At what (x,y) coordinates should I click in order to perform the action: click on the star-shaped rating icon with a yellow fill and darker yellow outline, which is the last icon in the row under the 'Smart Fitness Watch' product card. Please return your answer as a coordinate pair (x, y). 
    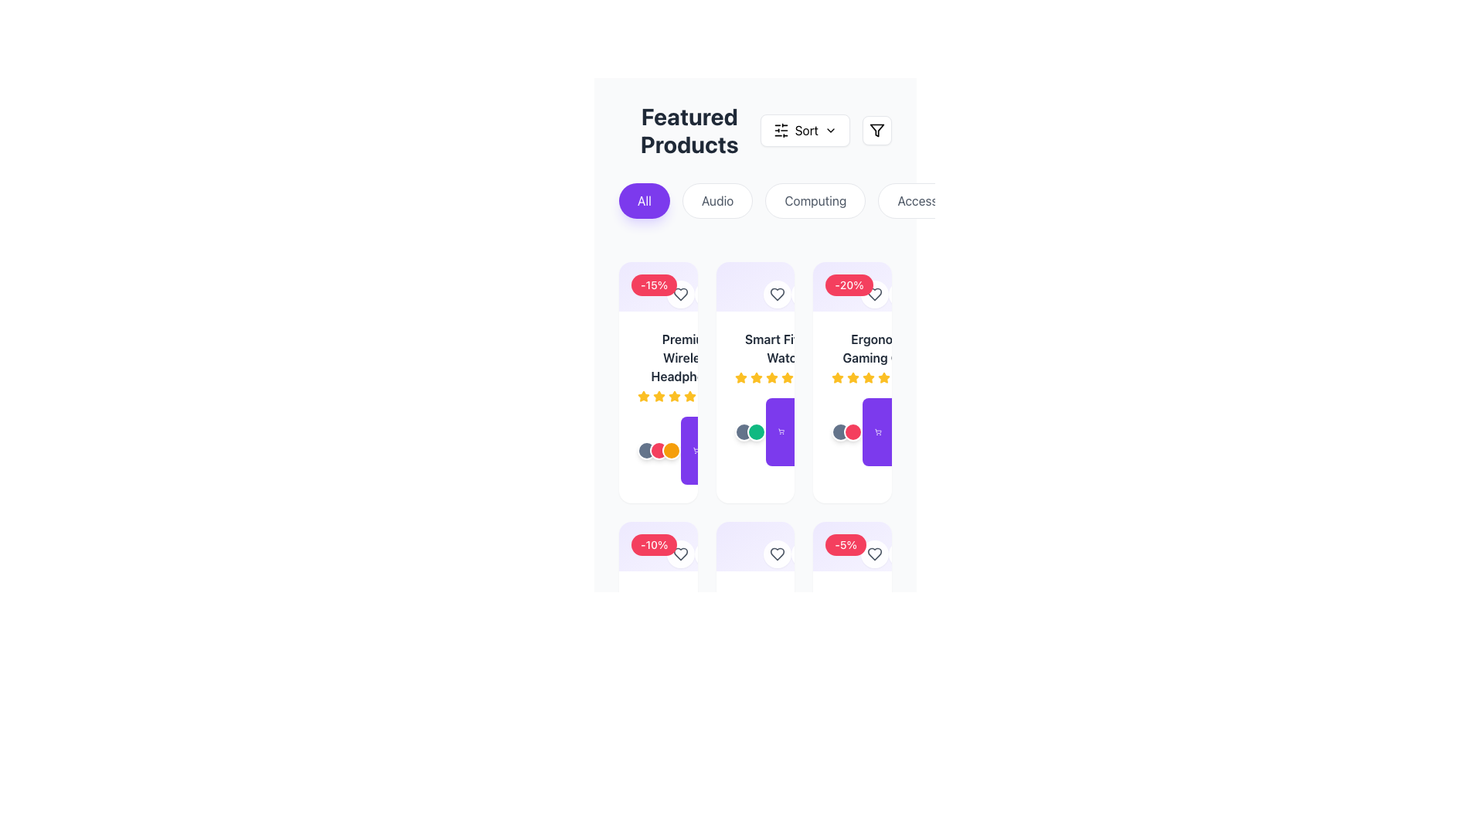
    Looking at the image, I should click on (787, 378).